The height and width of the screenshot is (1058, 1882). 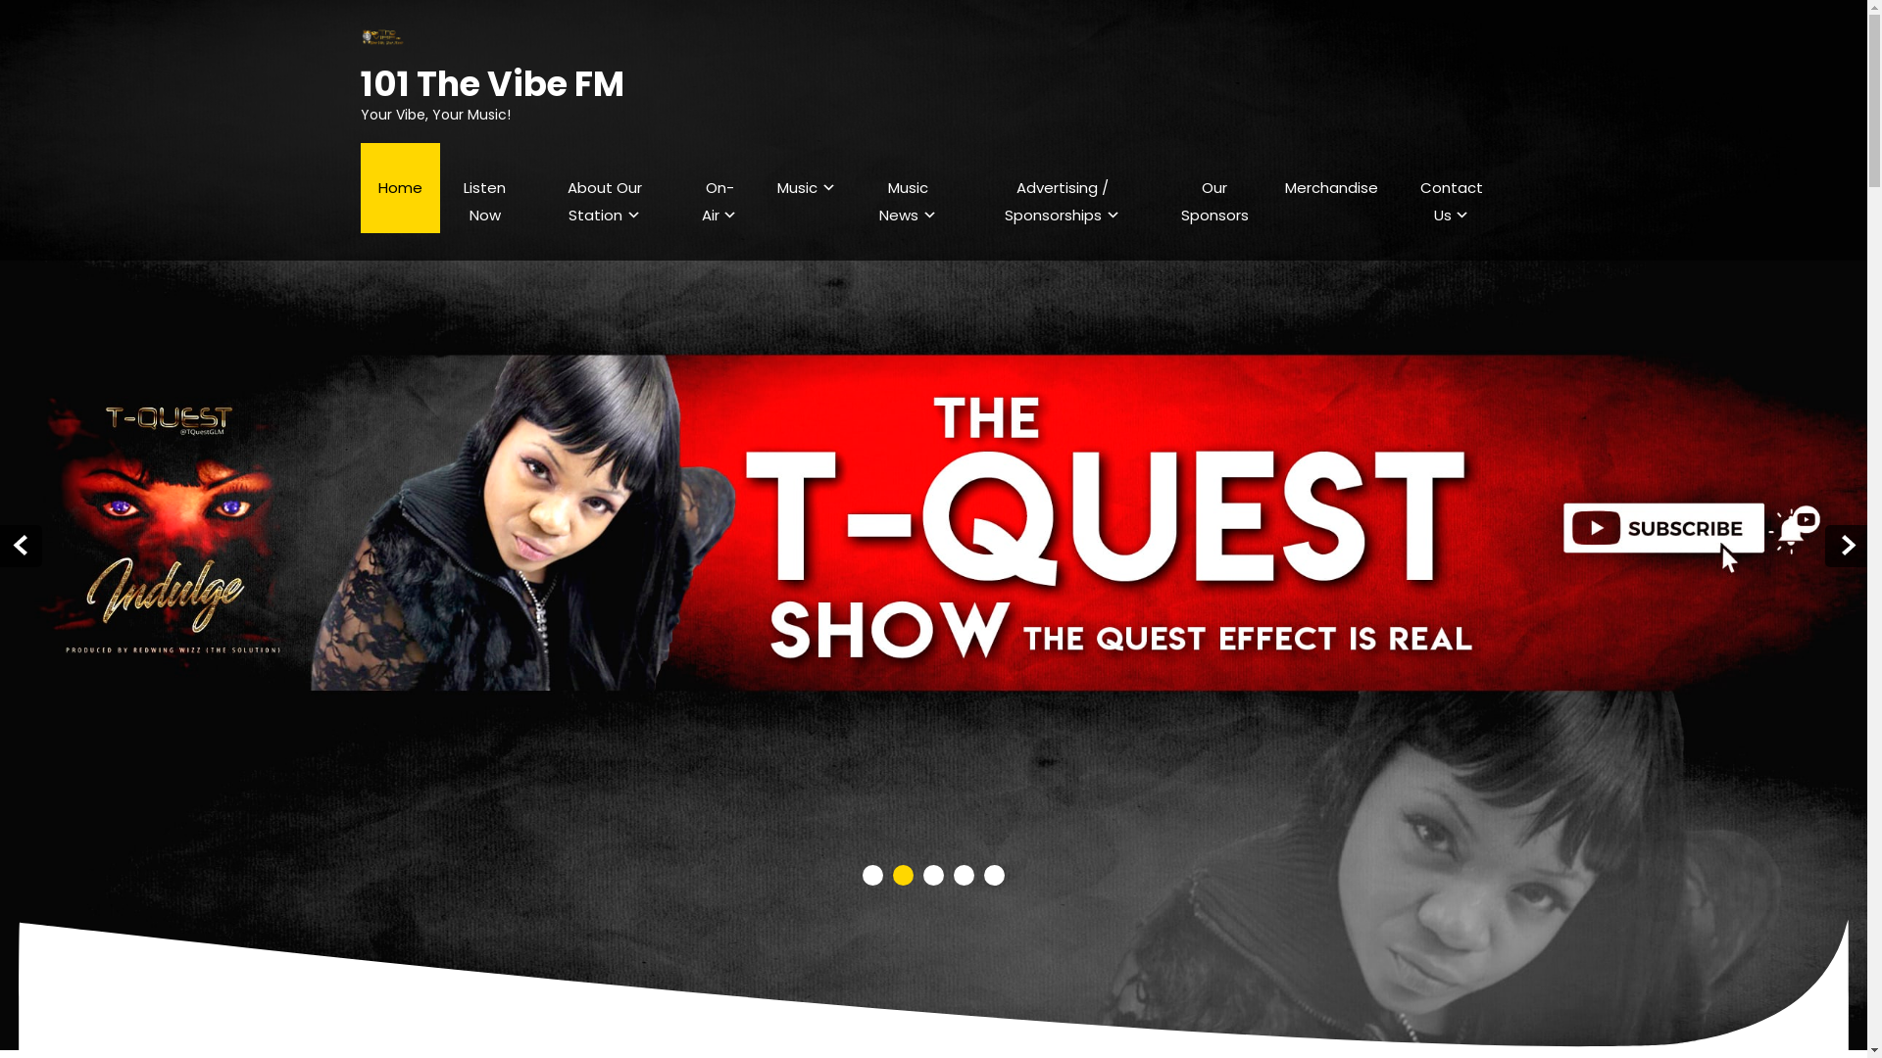 What do you see at coordinates (902, 874) in the screenshot?
I see `'2'` at bounding box center [902, 874].